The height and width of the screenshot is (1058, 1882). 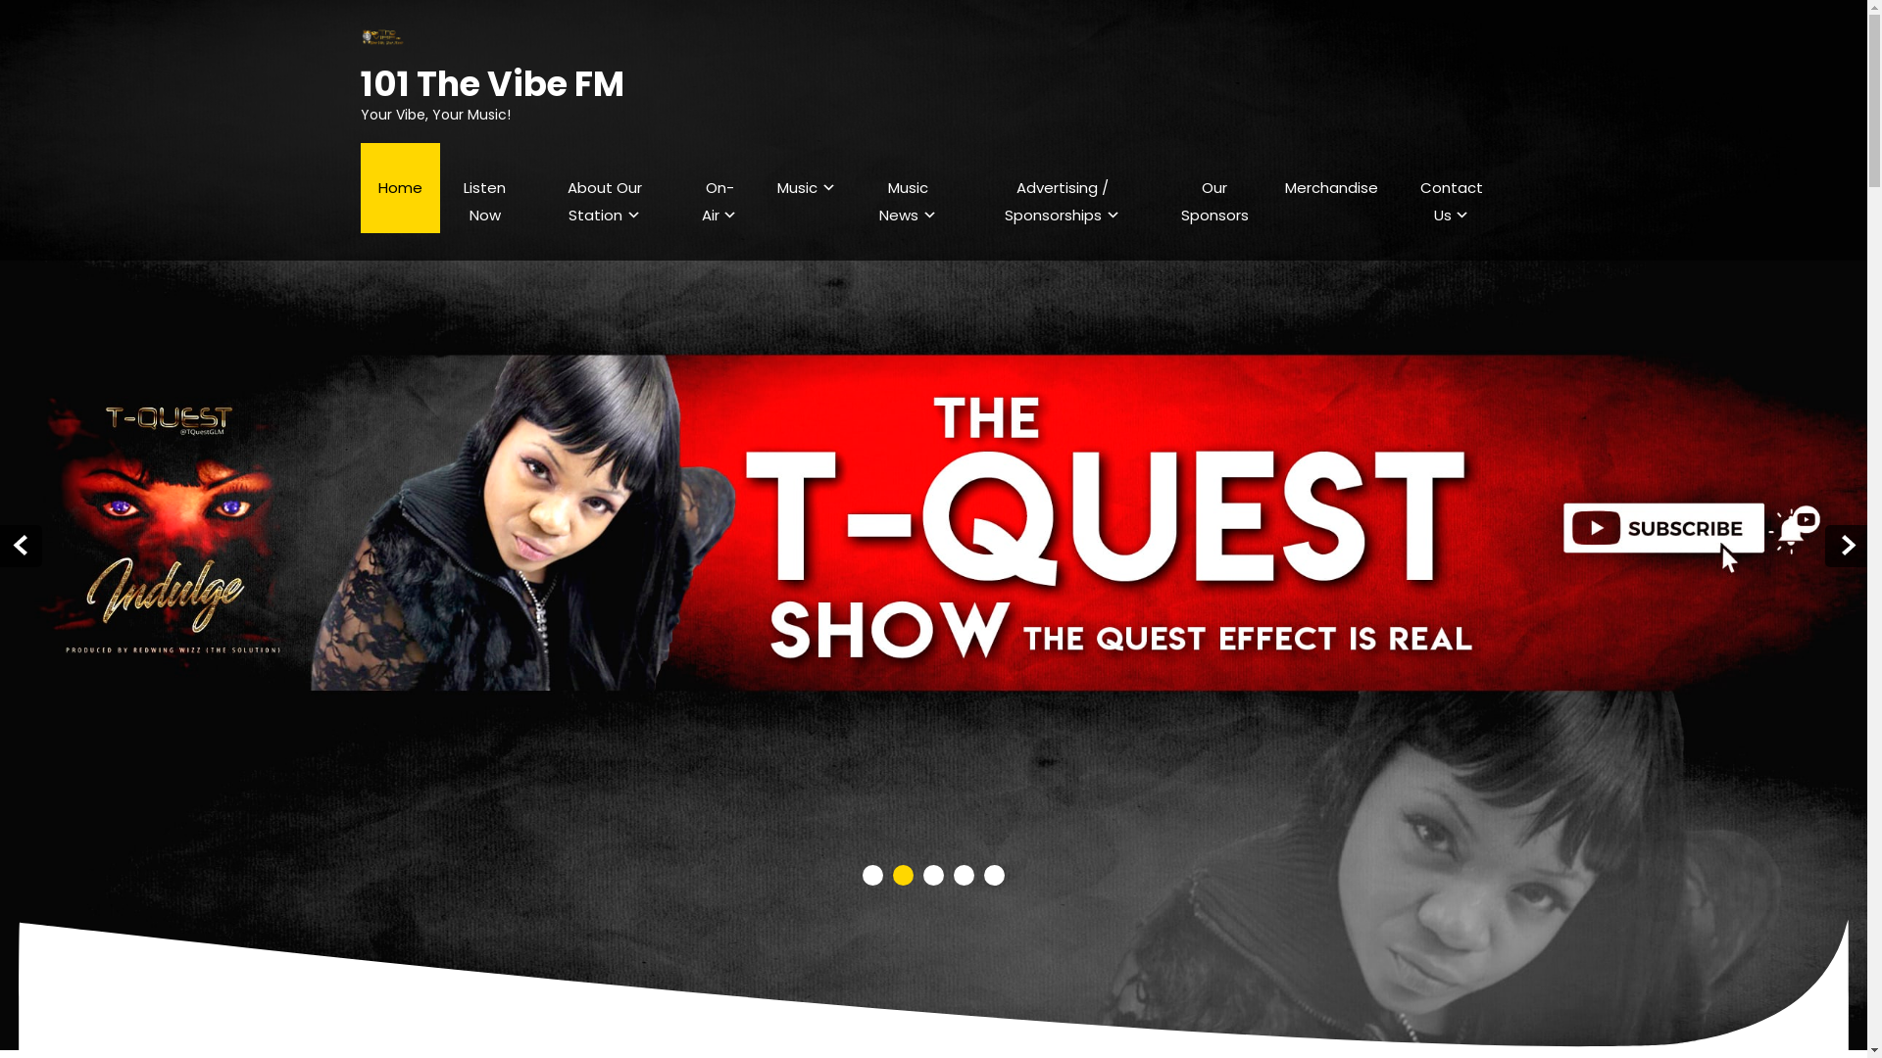 What do you see at coordinates (902, 874) in the screenshot?
I see `'2'` at bounding box center [902, 874].